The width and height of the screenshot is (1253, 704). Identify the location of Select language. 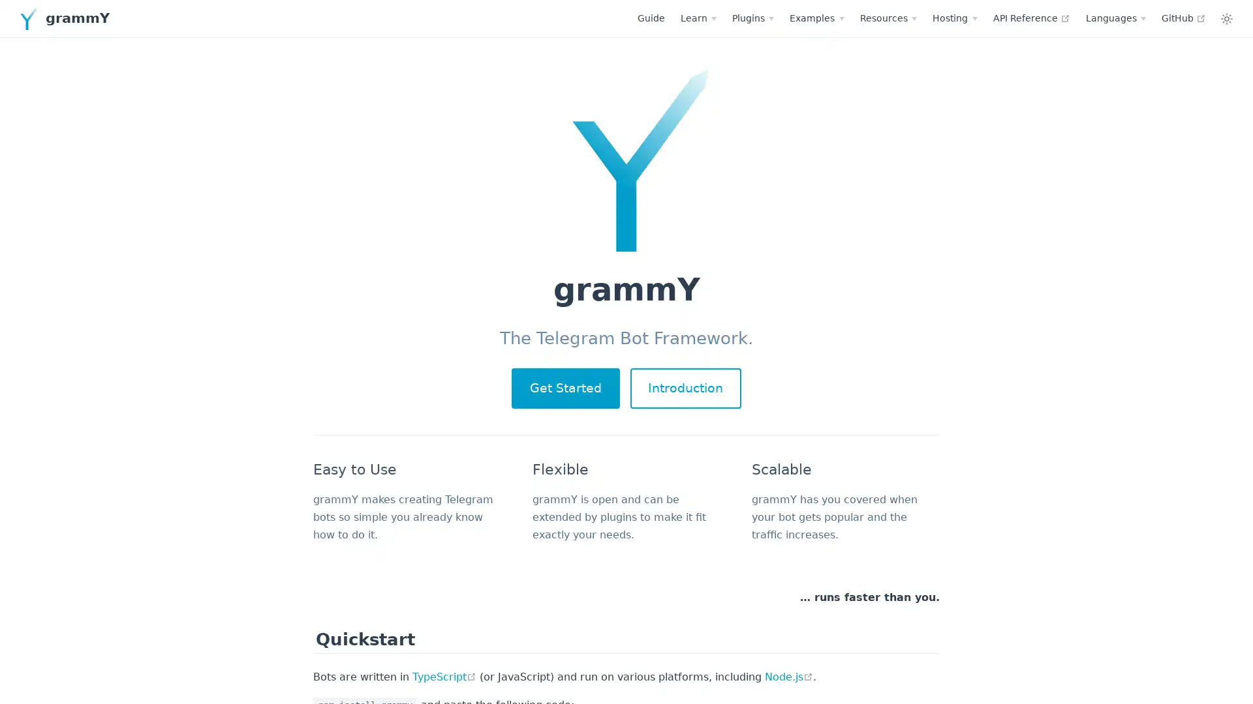
(999, 18).